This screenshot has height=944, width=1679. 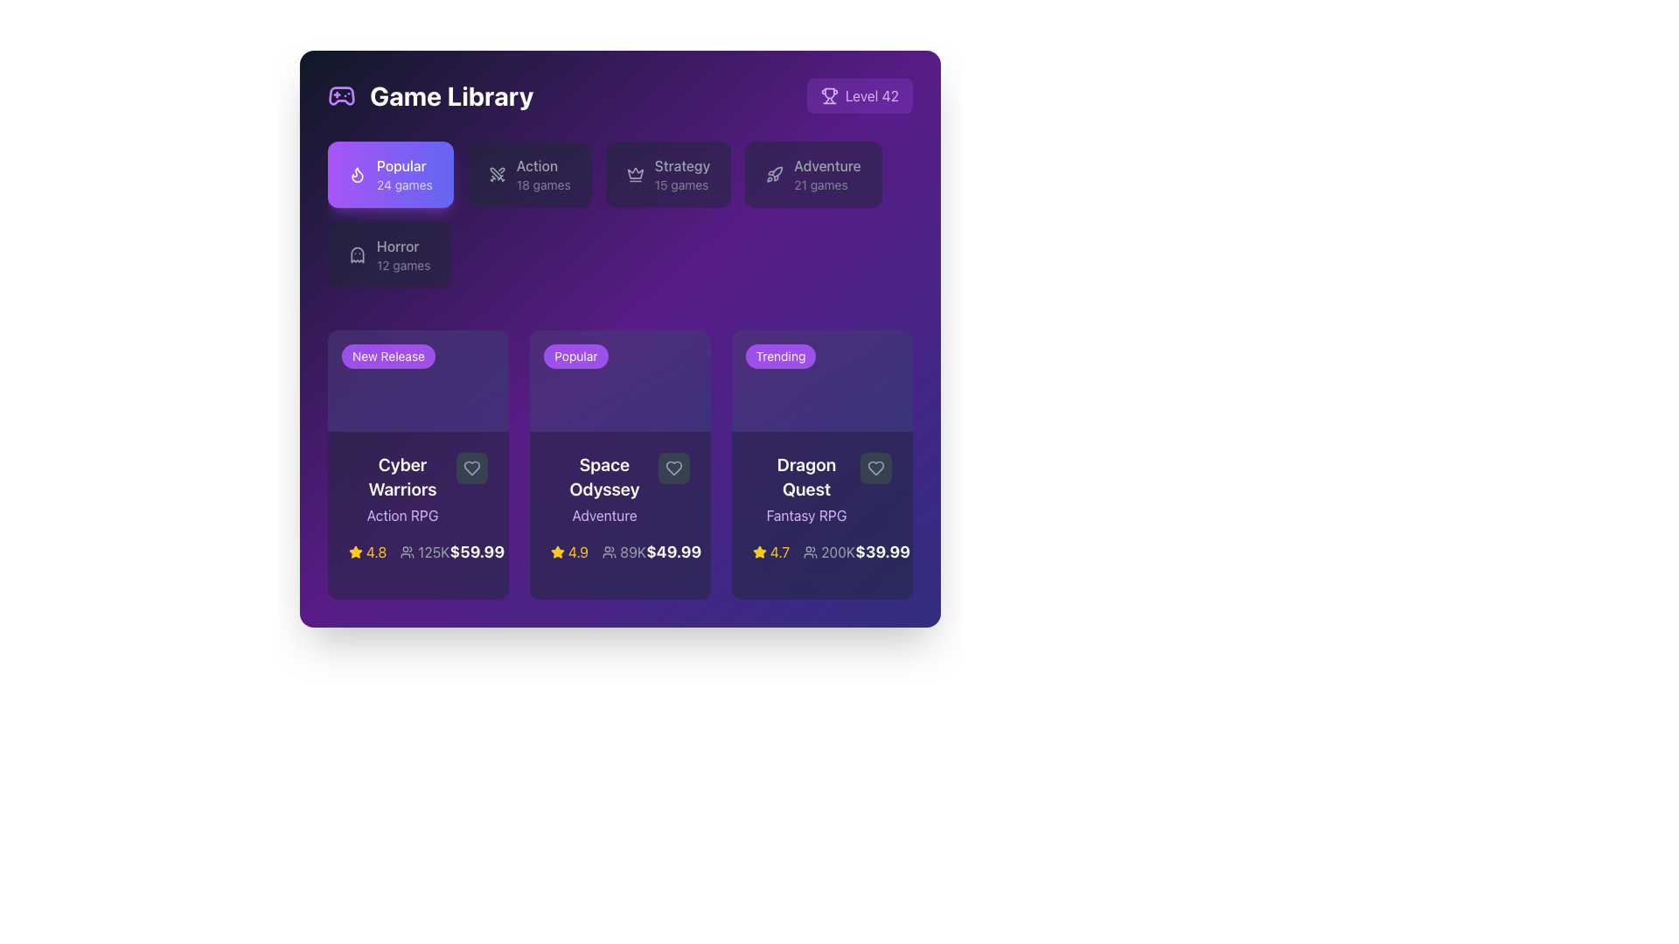 I want to click on the heart icon button, which is styled as an outlined graphic on a dark grey-blue background in the top-right section of the 'Cyber Warriors' game card, so click(x=471, y=468).